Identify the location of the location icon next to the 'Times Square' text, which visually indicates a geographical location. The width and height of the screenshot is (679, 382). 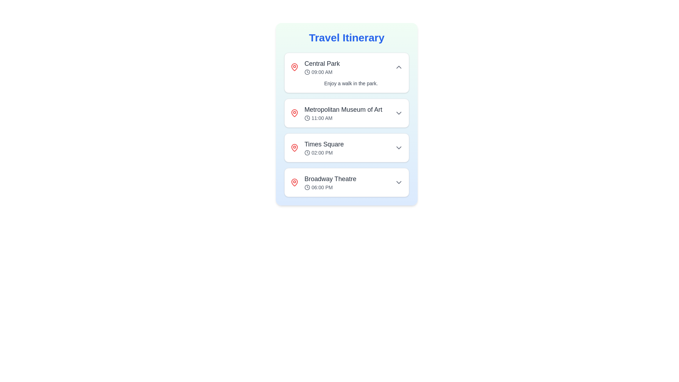
(295, 147).